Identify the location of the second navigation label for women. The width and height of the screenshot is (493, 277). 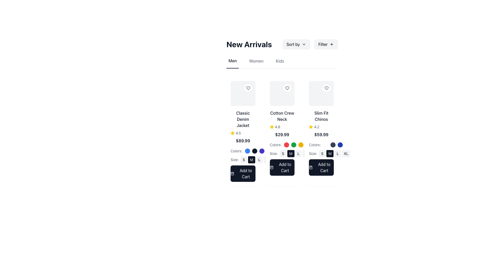
(256, 63).